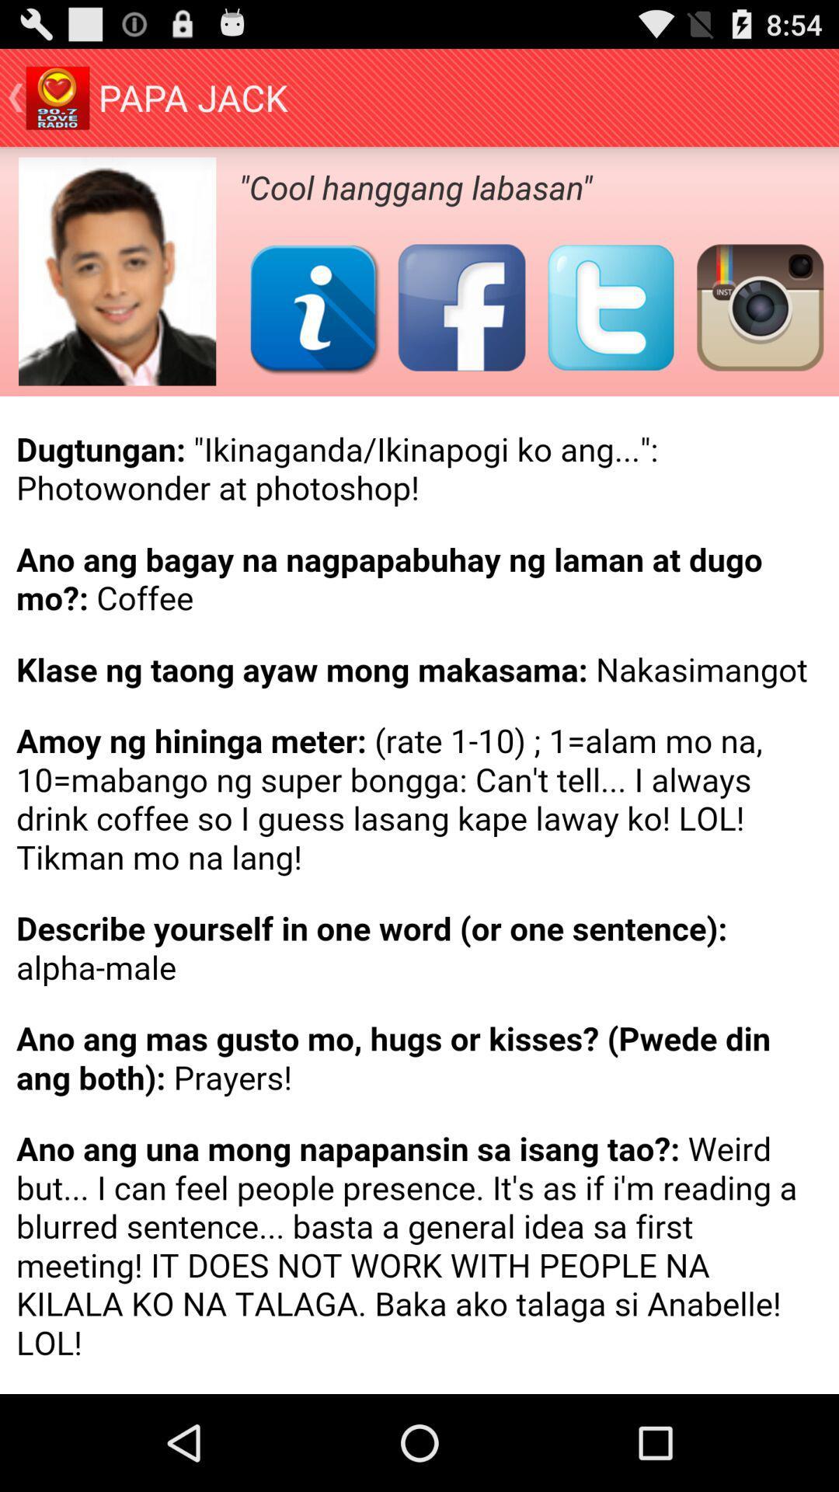  Describe the element at coordinates (610, 307) in the screenshot. I see `share on twitter button` at that location.